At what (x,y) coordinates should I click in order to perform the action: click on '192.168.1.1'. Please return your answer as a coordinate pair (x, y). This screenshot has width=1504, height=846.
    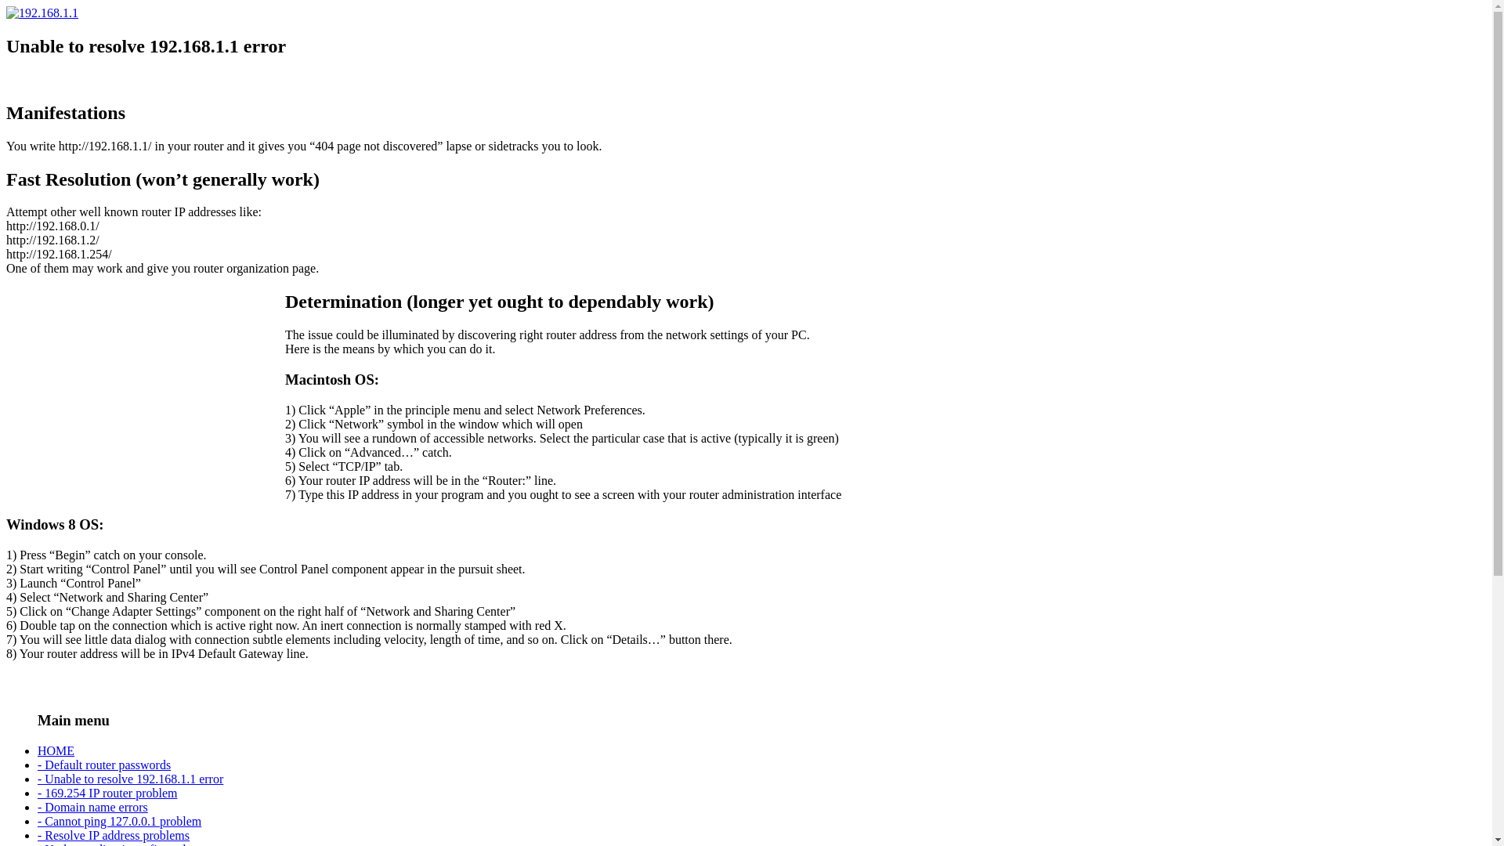
    Looking at the image, I should click on (42, 13).